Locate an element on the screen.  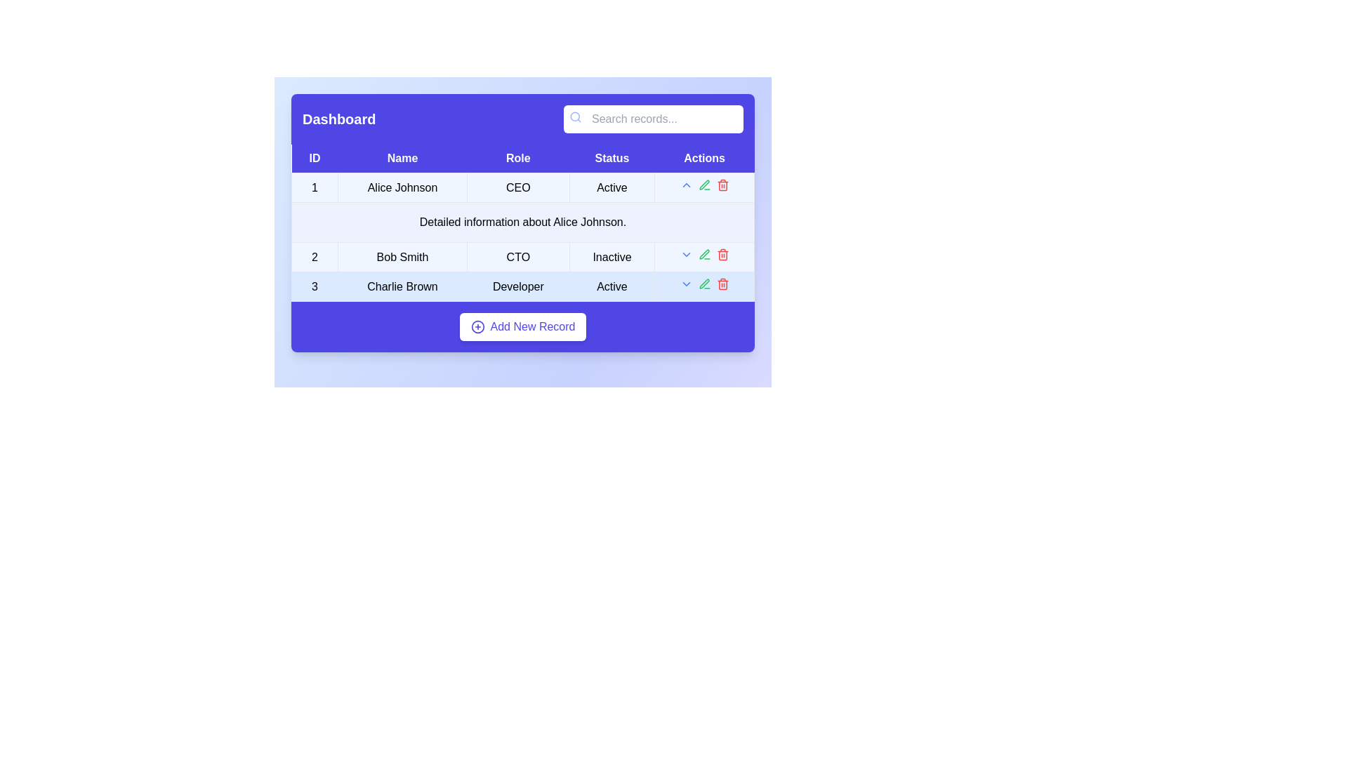
the text label displaying 'Bob Smith' located in the second row of the table under the 'Name' column, which is centrally aligned within its grid cell is located at coordinates (402, 257).